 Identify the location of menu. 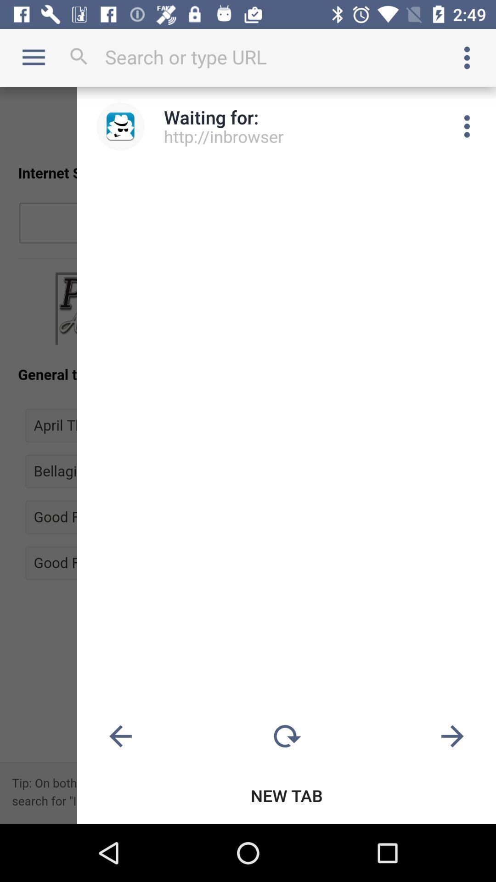
(467, 126).